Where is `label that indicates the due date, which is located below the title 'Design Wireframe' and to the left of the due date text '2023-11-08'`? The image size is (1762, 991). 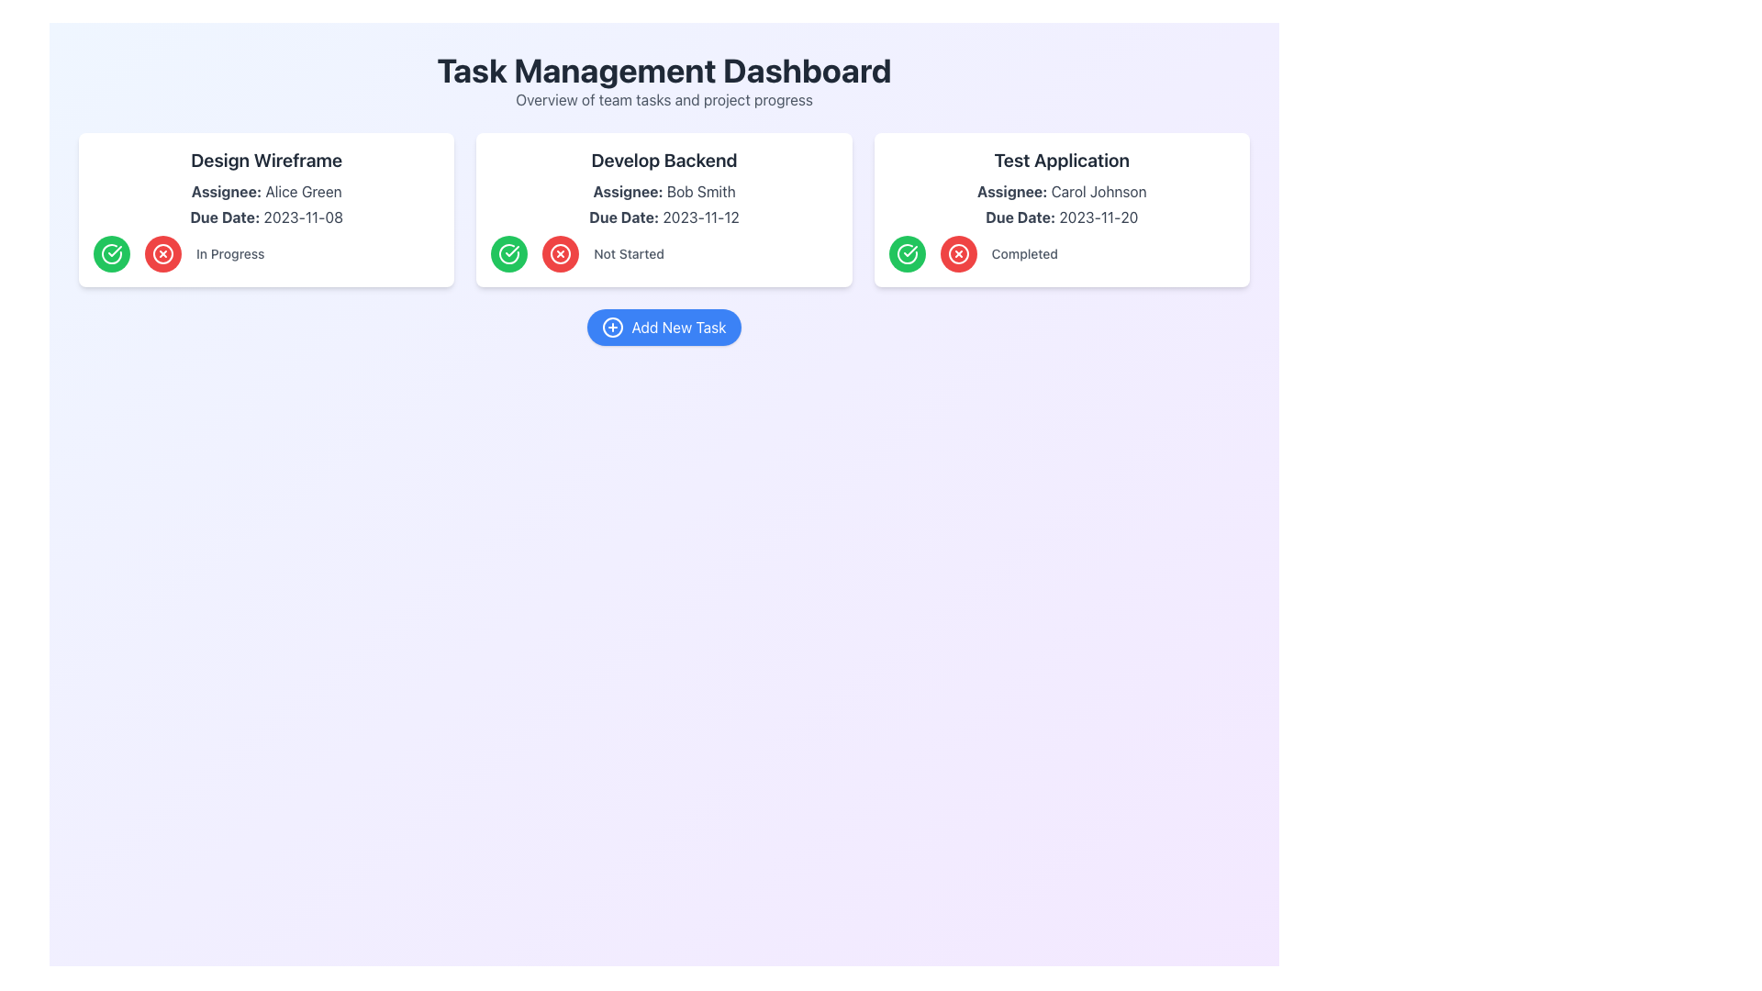
label that indicates the due date, which is located below the title 'Design Wireframe' and to the left of the due date text '2023-11-08' is located at coordinates (224, 216).